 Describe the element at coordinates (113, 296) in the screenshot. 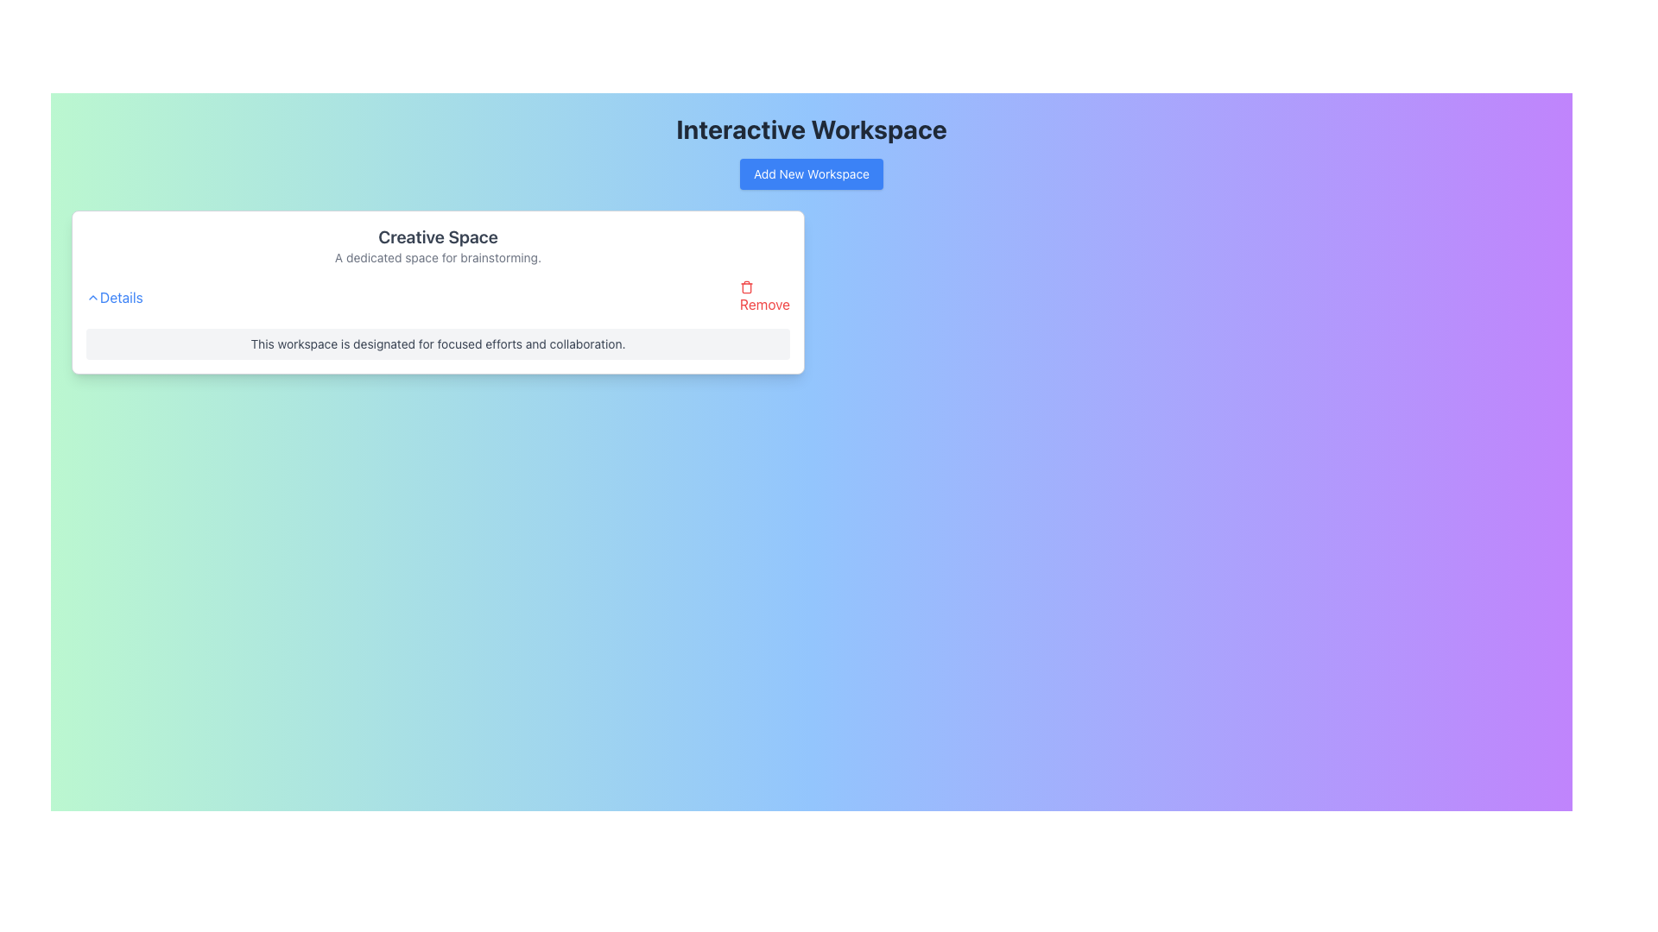

I see `the 'Details' text label styled in blue with a small chevron pointing up to its left` at that location.